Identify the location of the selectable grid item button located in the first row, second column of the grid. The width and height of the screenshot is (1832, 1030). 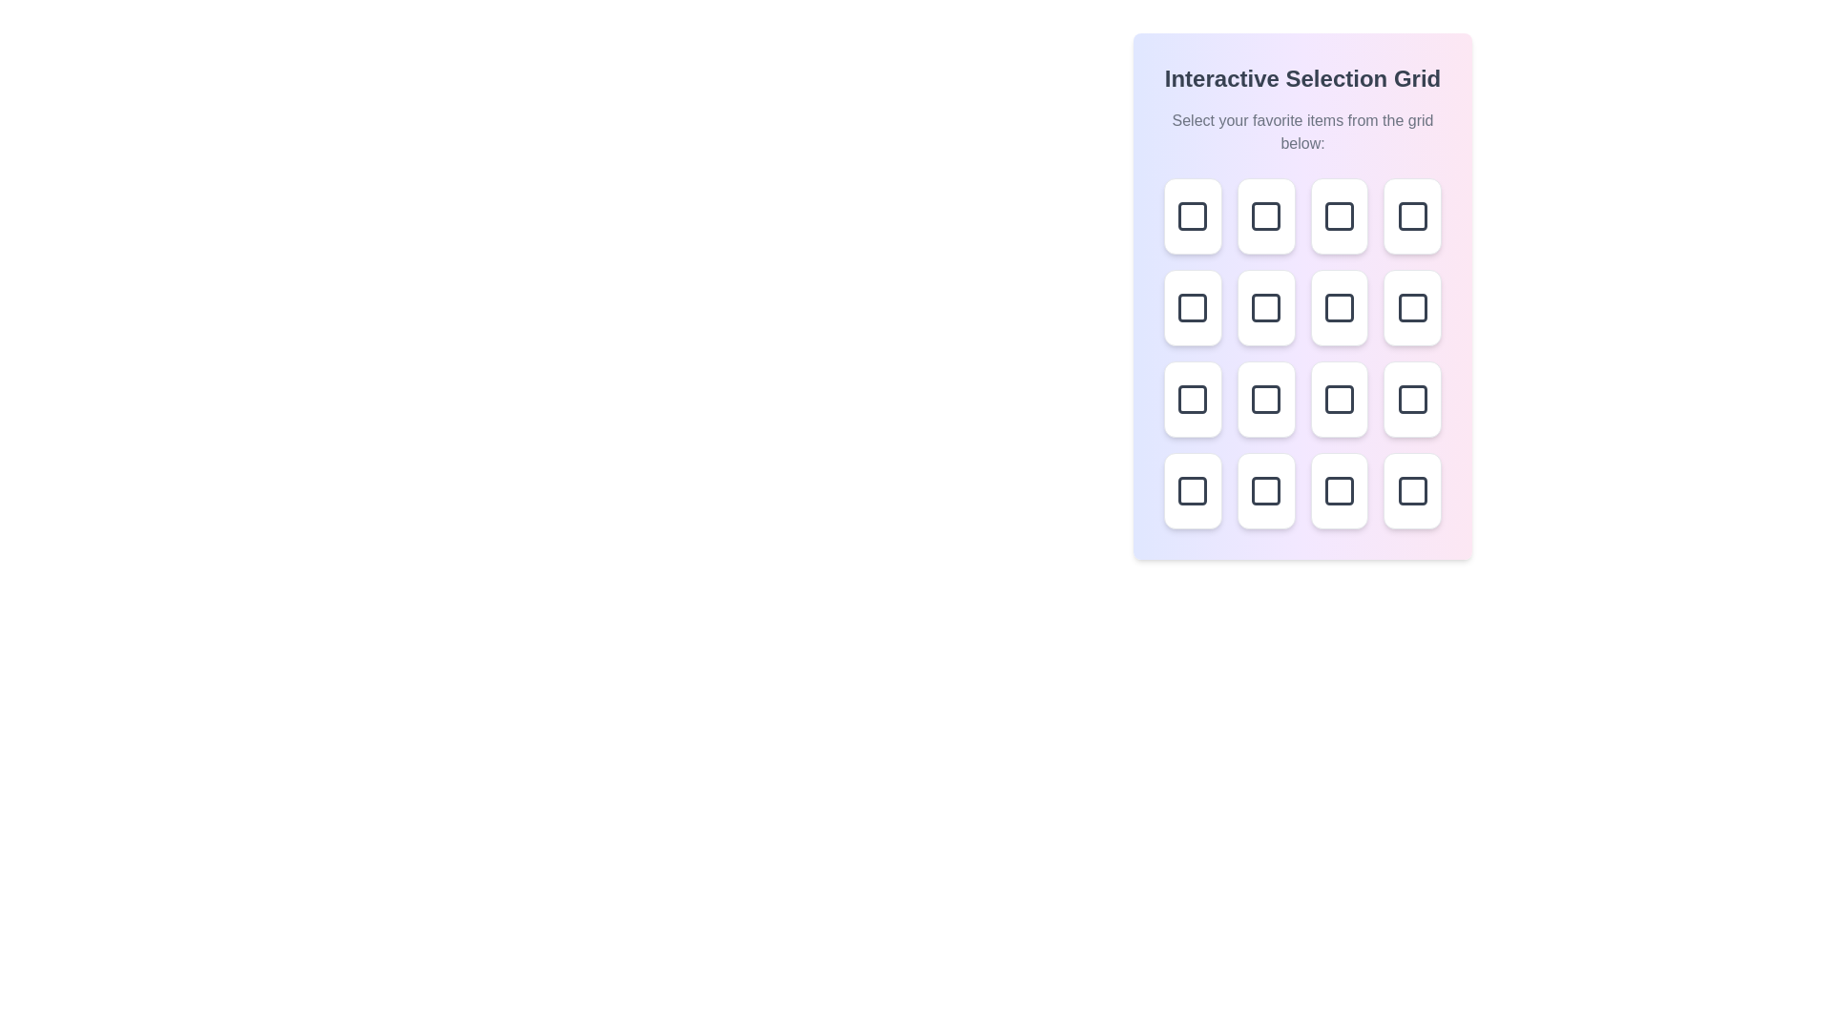
(1266, 216).